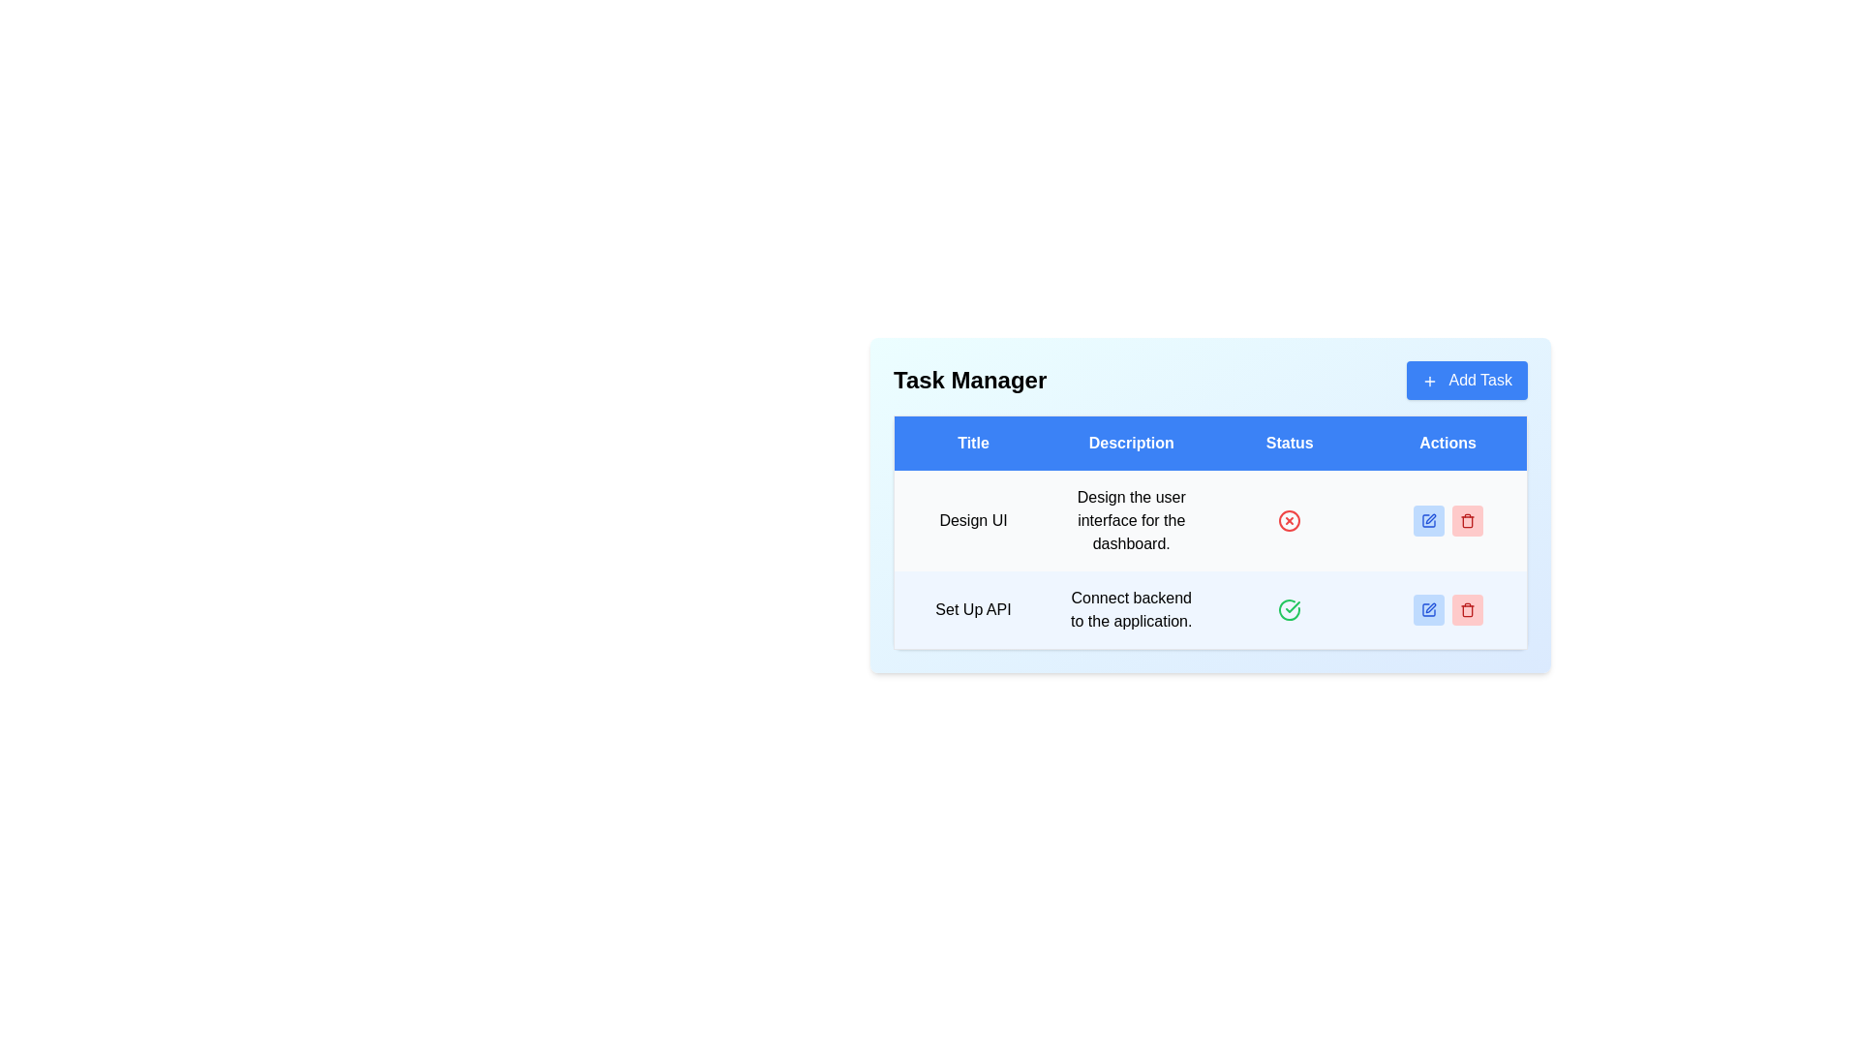 The image size is (1859, 1046). What do you see at coordinates (1289, 608) in the screenshot?
I see `the circular green icon with a checkmark in the Status column of the second row in the Task Manager table` at bounding box center [1289, 608].